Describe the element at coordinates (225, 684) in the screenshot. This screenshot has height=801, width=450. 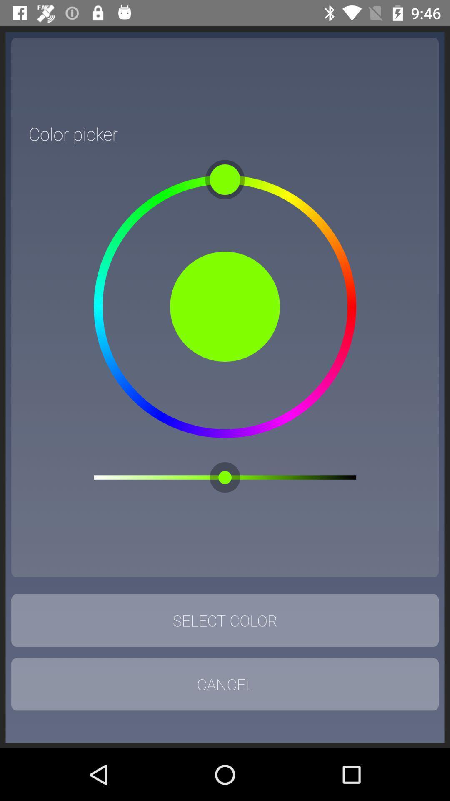
I see `cancel` at that location.